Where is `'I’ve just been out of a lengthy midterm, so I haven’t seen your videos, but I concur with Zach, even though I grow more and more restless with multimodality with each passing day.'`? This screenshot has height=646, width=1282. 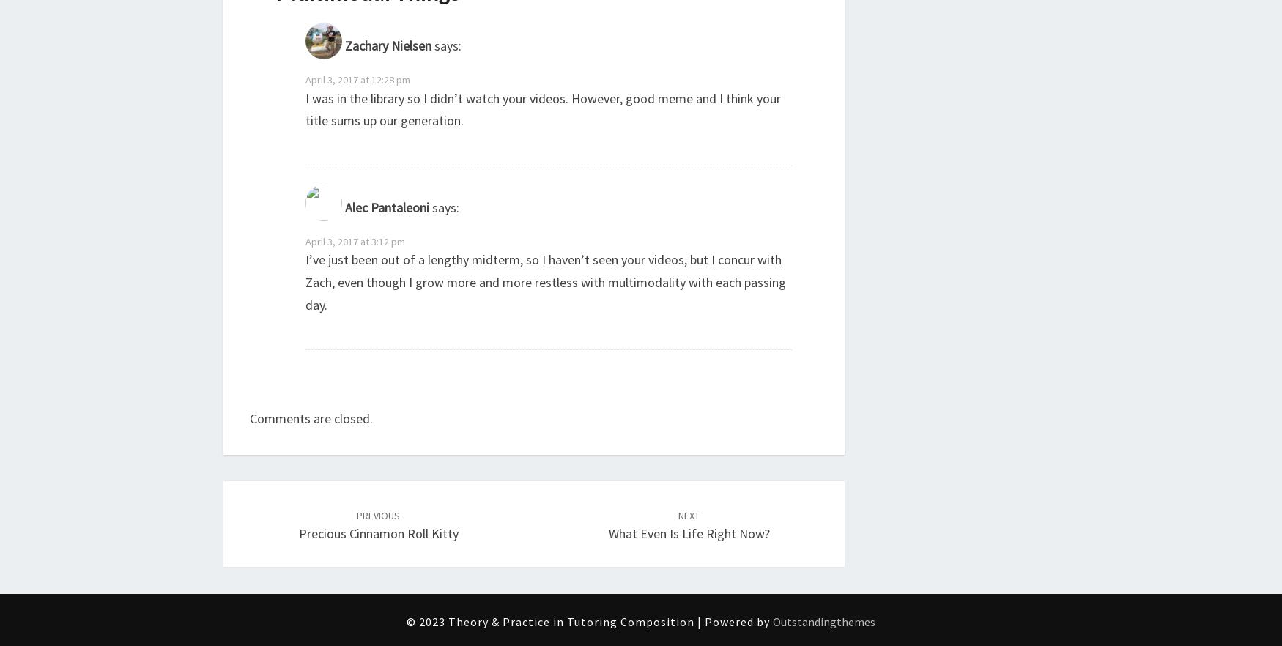 'I’ve just been out of a lengthy midterm, so I haven’t seen your videos, but I concur with Zach, even though I grow more and more restless with multimodality with each passing day.' is located at coordinates (545, 281).